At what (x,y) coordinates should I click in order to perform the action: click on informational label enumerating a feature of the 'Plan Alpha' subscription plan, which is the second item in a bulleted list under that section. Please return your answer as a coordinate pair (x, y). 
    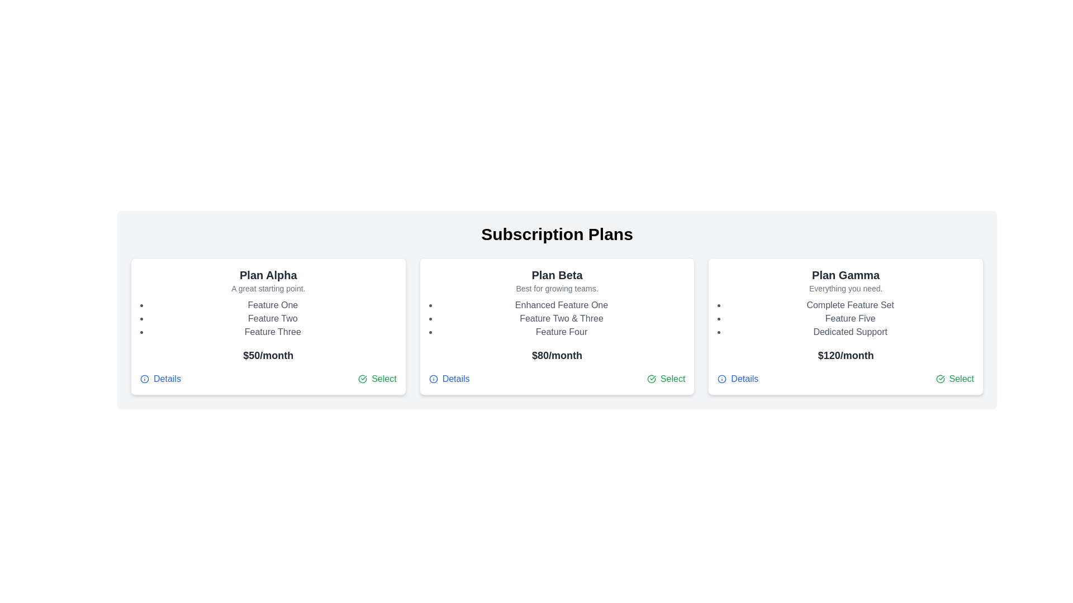
    Looking at the image, I should click on (273, 318).